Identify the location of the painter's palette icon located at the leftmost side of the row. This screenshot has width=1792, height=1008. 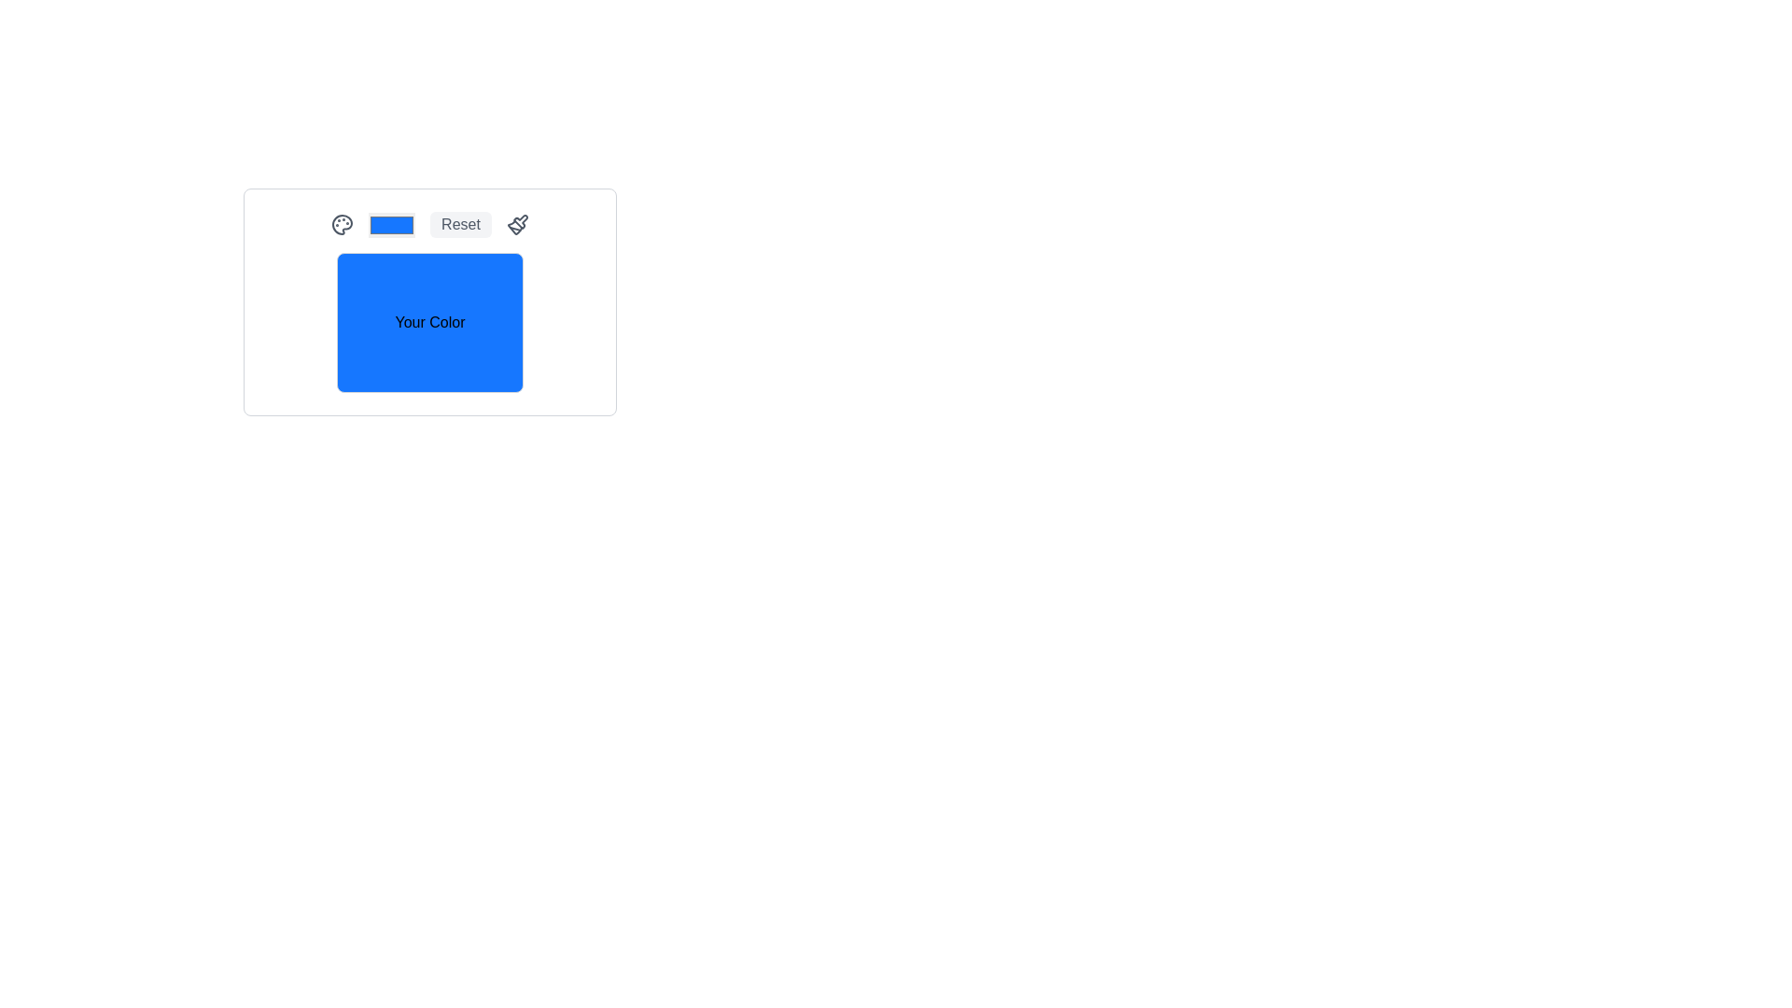
(343, 223).